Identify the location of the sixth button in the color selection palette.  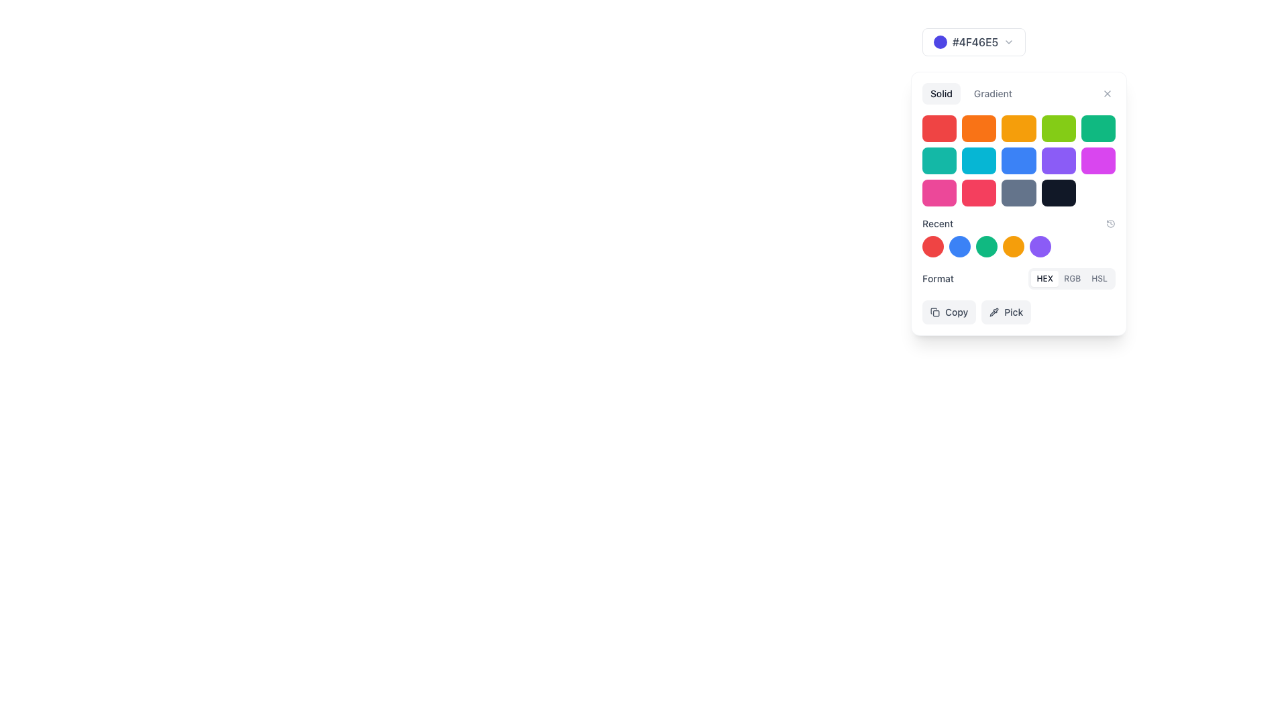
(938, 160).